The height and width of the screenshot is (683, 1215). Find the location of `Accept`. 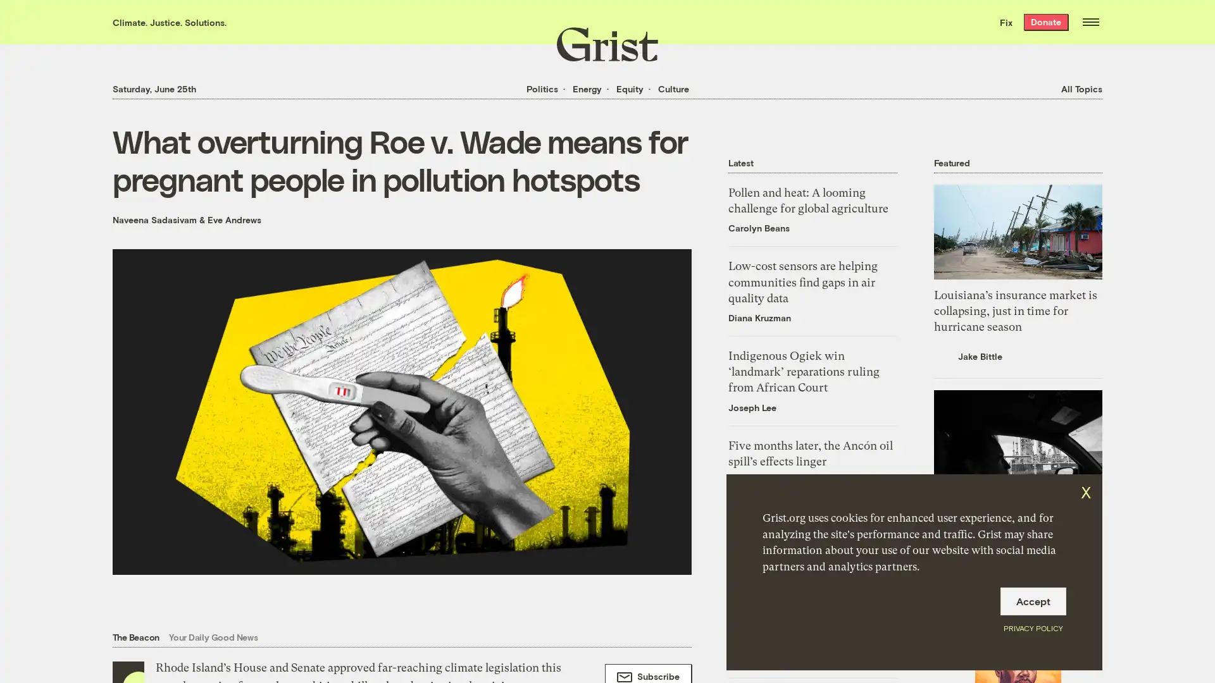

Accept is located at coordinates (1033, 601).